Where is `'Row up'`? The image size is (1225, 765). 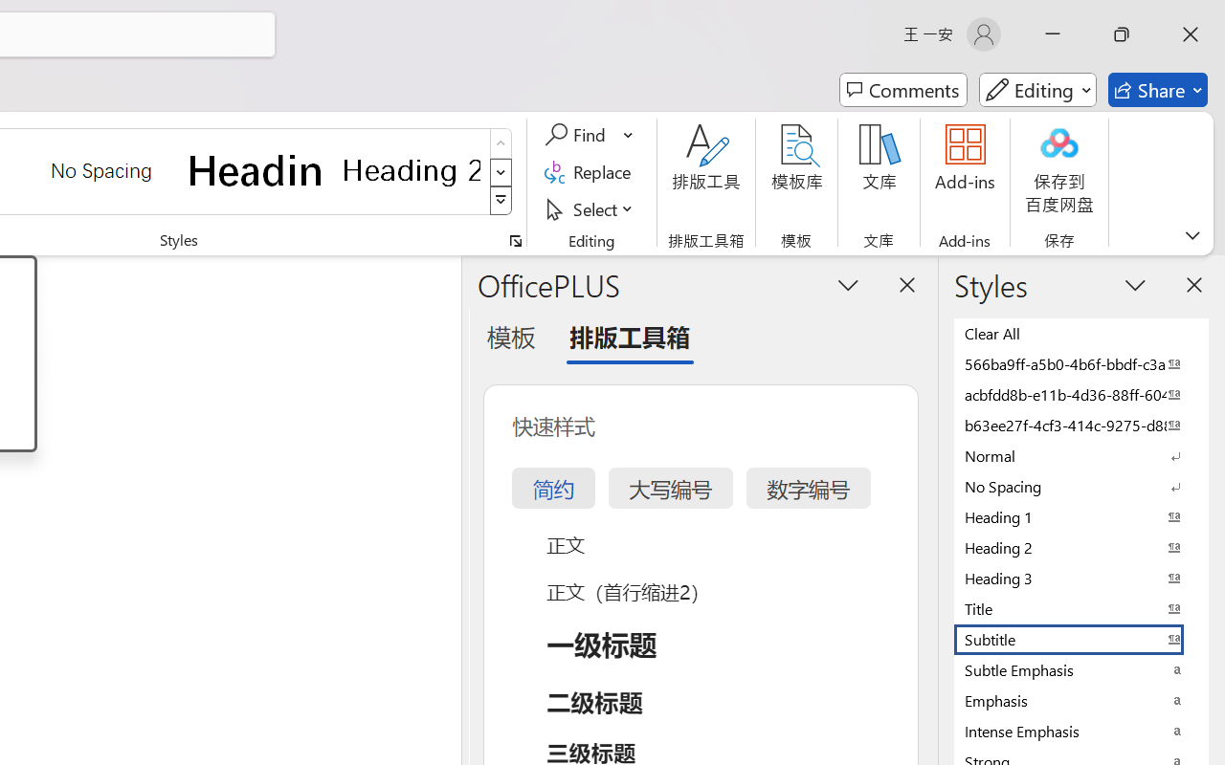
'Row up' is located at coordinates (501, 143).